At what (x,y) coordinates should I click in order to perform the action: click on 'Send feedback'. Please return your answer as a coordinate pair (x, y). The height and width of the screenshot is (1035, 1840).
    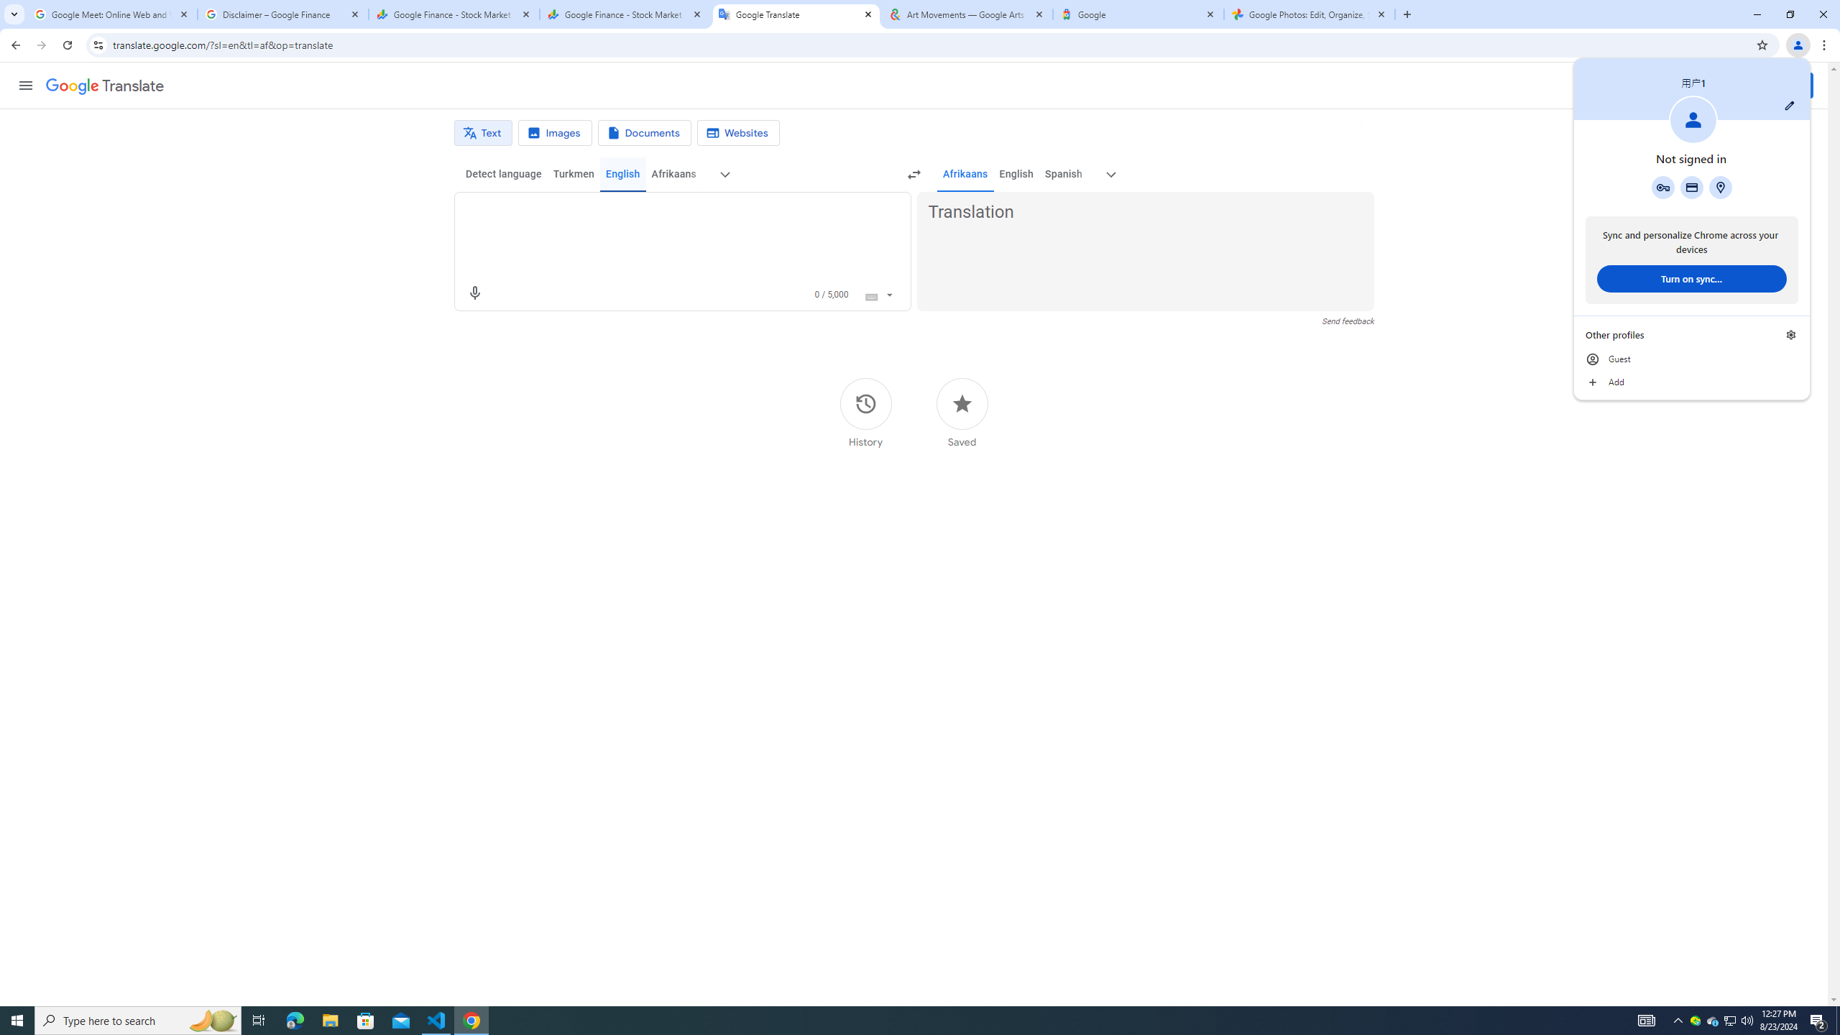
    Looking at the image, I should click on (1348, 321).